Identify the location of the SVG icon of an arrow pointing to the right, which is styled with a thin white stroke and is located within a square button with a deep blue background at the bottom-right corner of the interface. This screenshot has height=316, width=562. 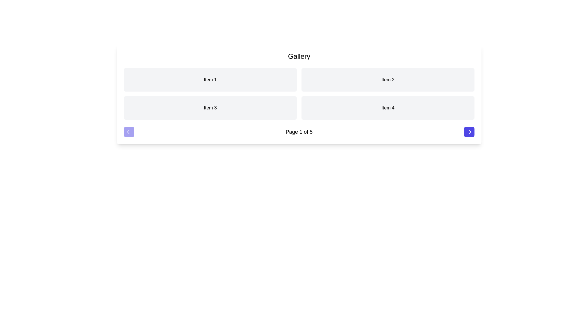
(469, 132).